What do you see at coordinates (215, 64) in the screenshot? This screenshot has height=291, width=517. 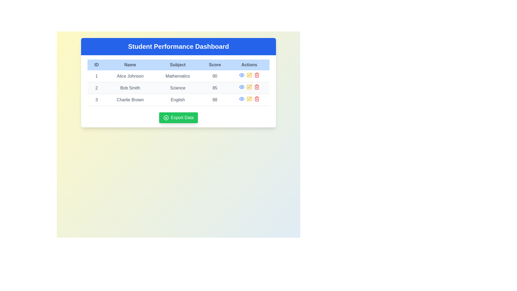 I see `the 'Score' header in the table column, which is the fourth column from the left, displayed in gray on a light blue background, part of the 'Student Performance Dashboard'` at bounding box center [215, 64].